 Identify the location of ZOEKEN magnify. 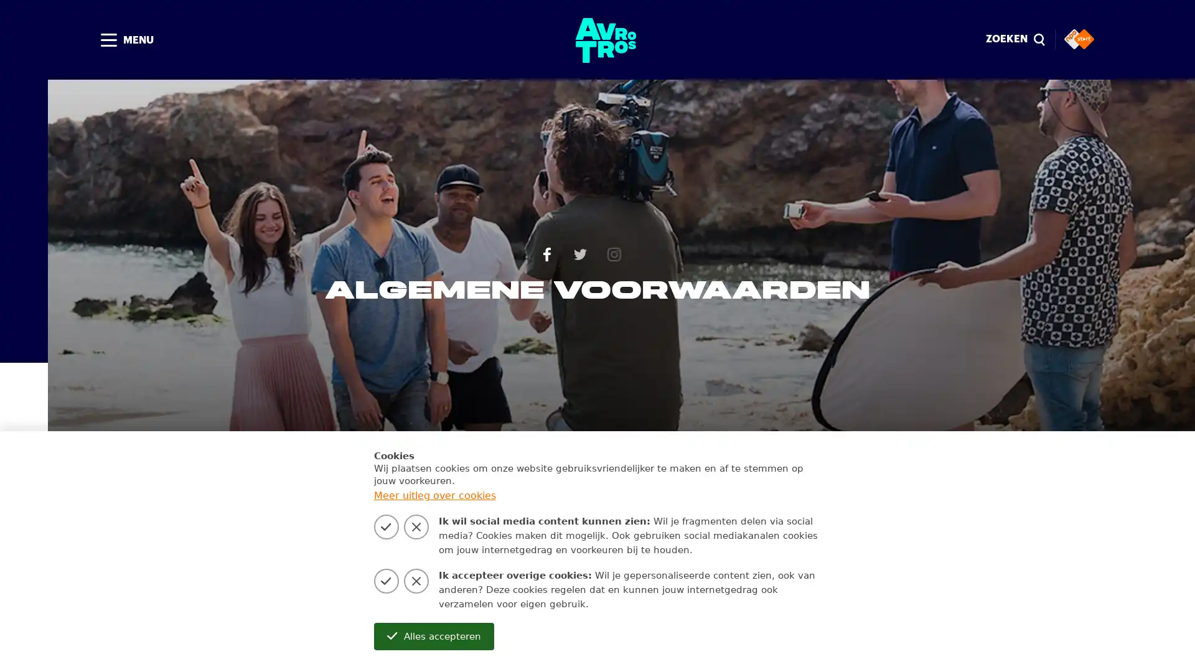
(1015, 39).